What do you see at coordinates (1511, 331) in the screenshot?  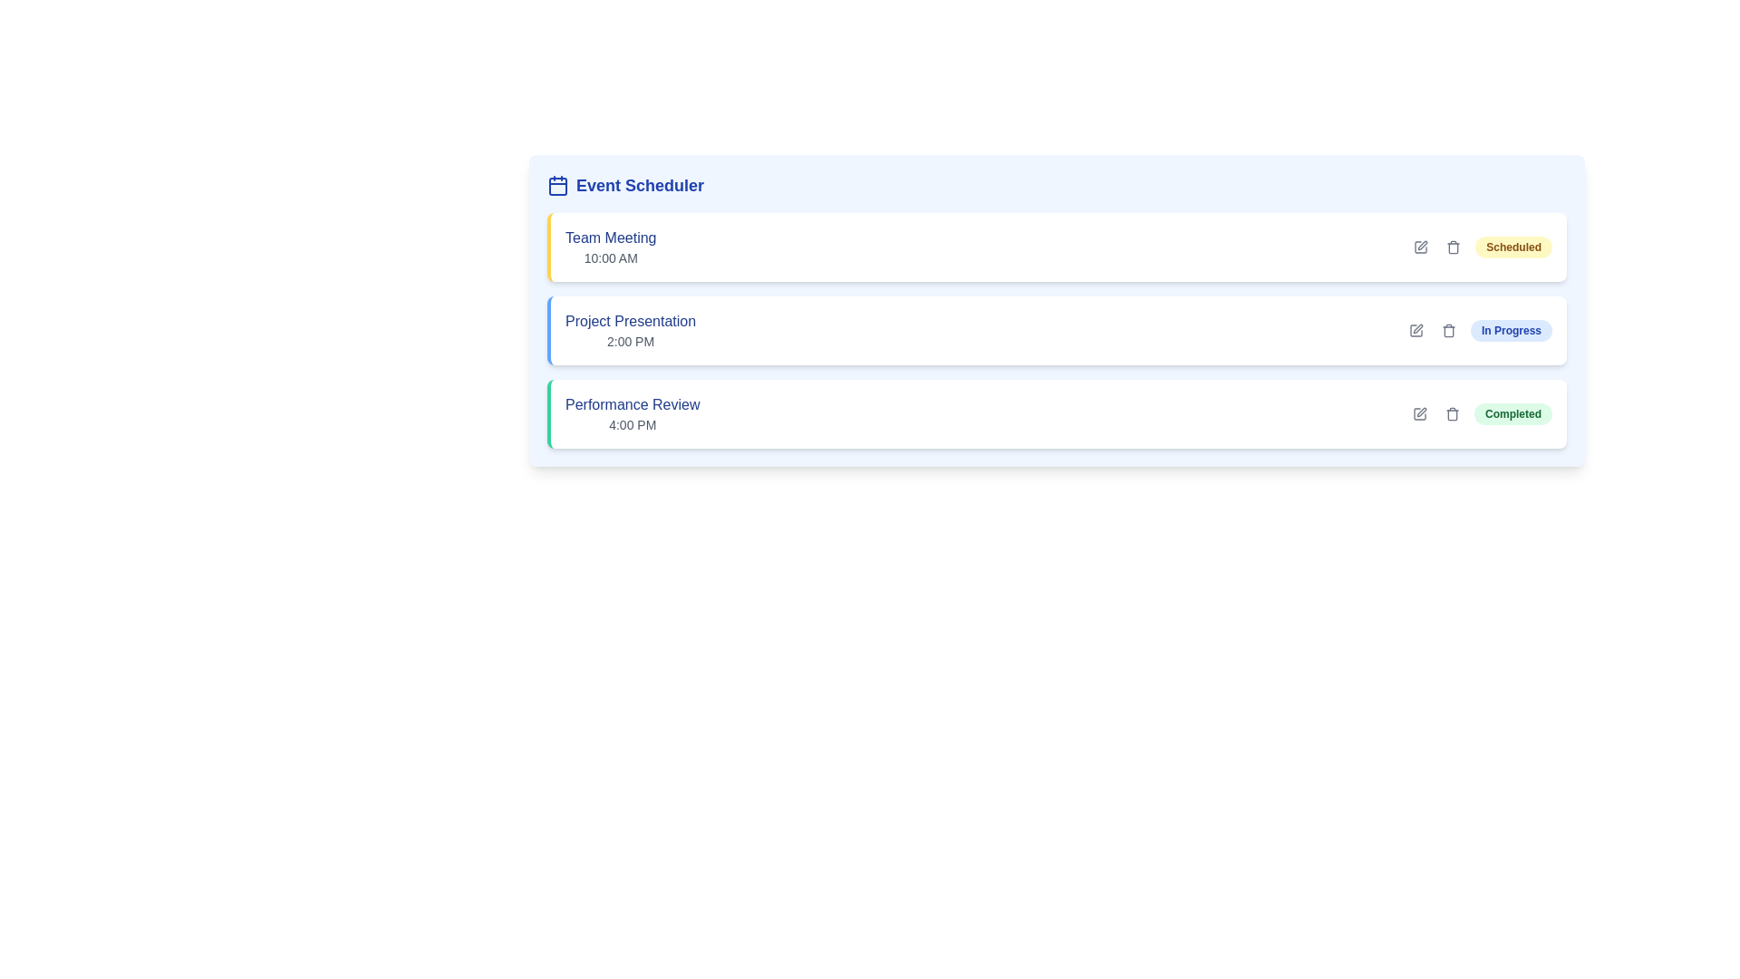 I see `'In Progress' label, which is a light blue badge with bold blue text, located in the right section of the second row of events in the scheduler interface, to gather status information` at bounding box center [1511, 331].